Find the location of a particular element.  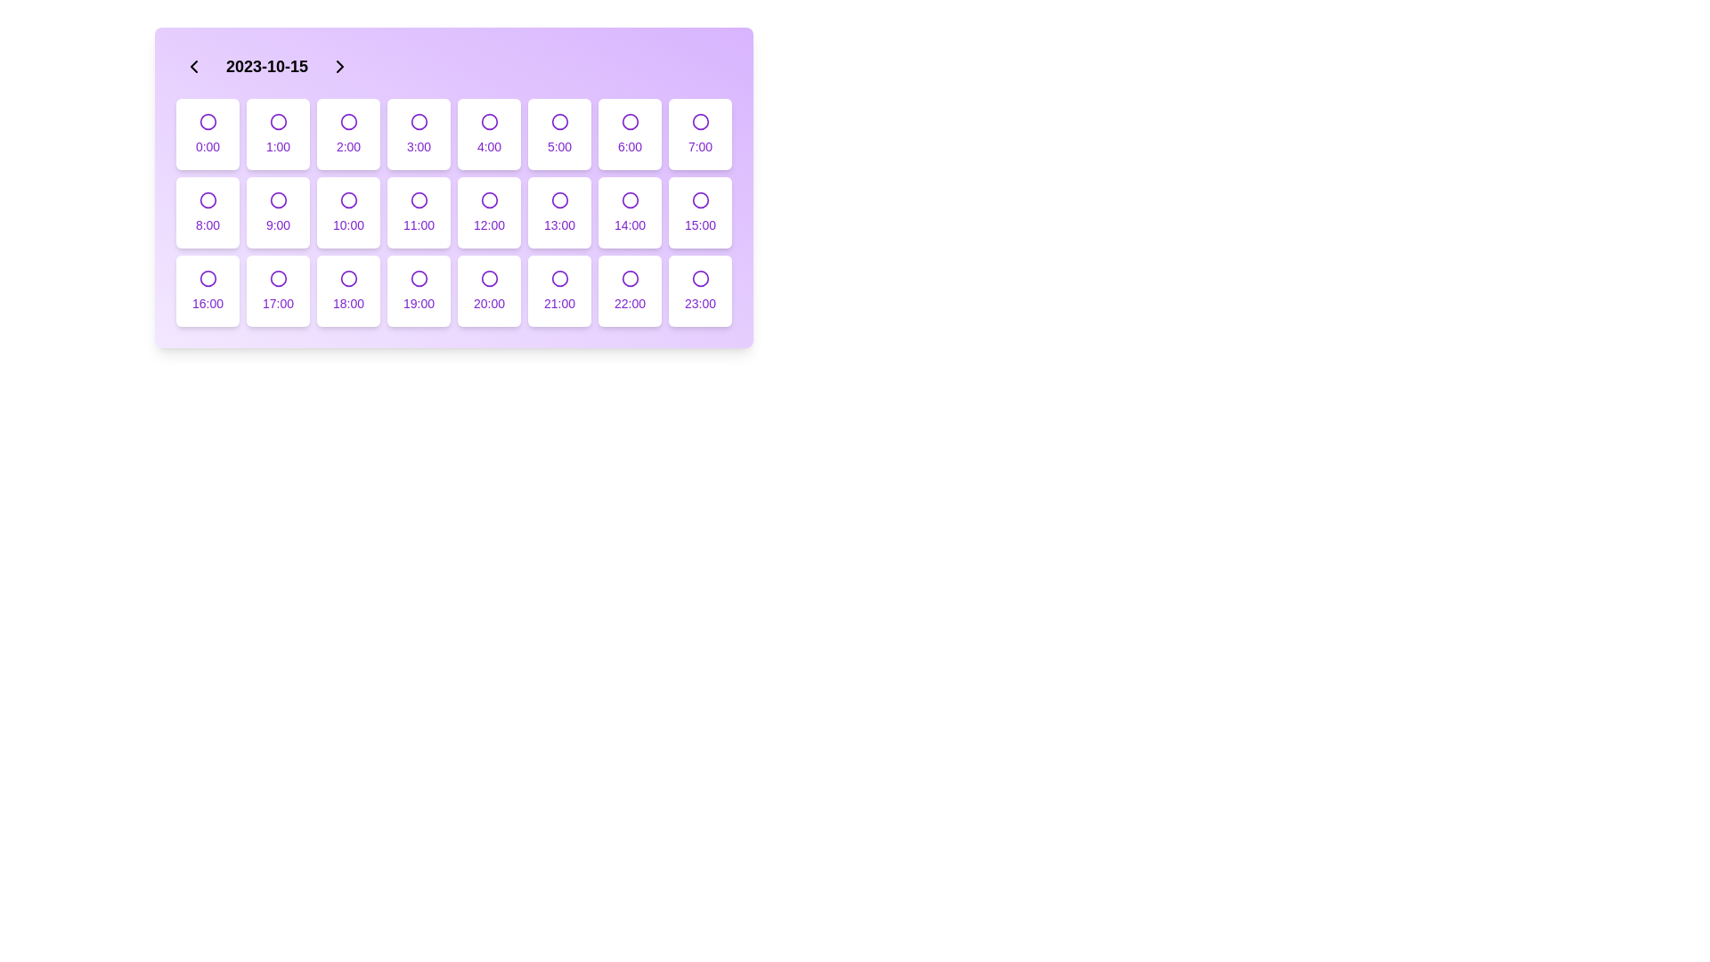

the Circular indicator positioned in the '7:00' time slot of the grid layout, which acts as a checkbox or selection indicator is located at coordinates (699, 121).